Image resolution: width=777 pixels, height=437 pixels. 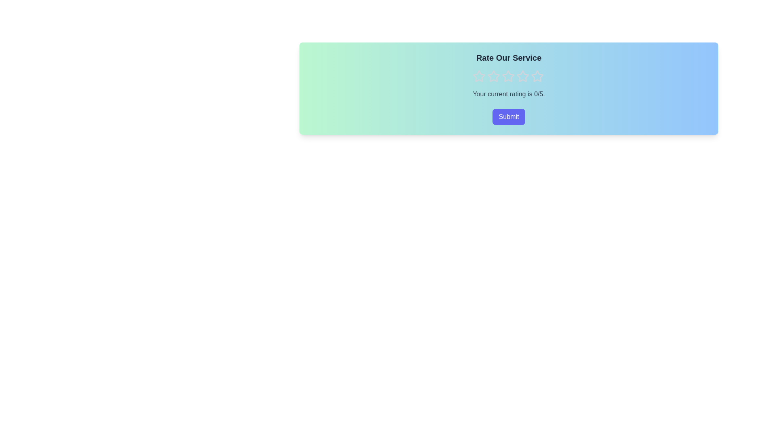 What do you see at coordinates (507, 76) in the screenshot?
I see `the star icon corresponding to 3 stars to preview the rating` at bounding box center [507, 76].